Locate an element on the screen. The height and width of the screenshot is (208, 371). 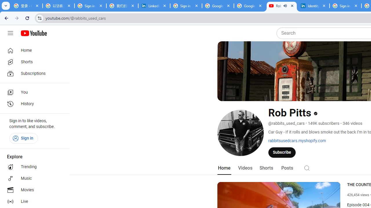
'Guide' is located at coordinates (10, 33).